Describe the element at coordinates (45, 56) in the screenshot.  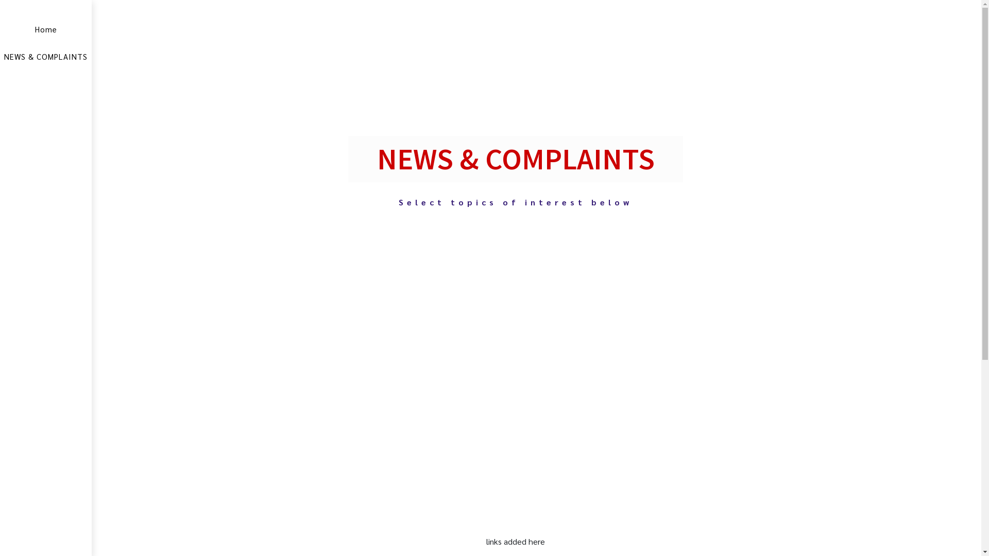
I see `'NEWS & COMPLAINTS'` at that location.